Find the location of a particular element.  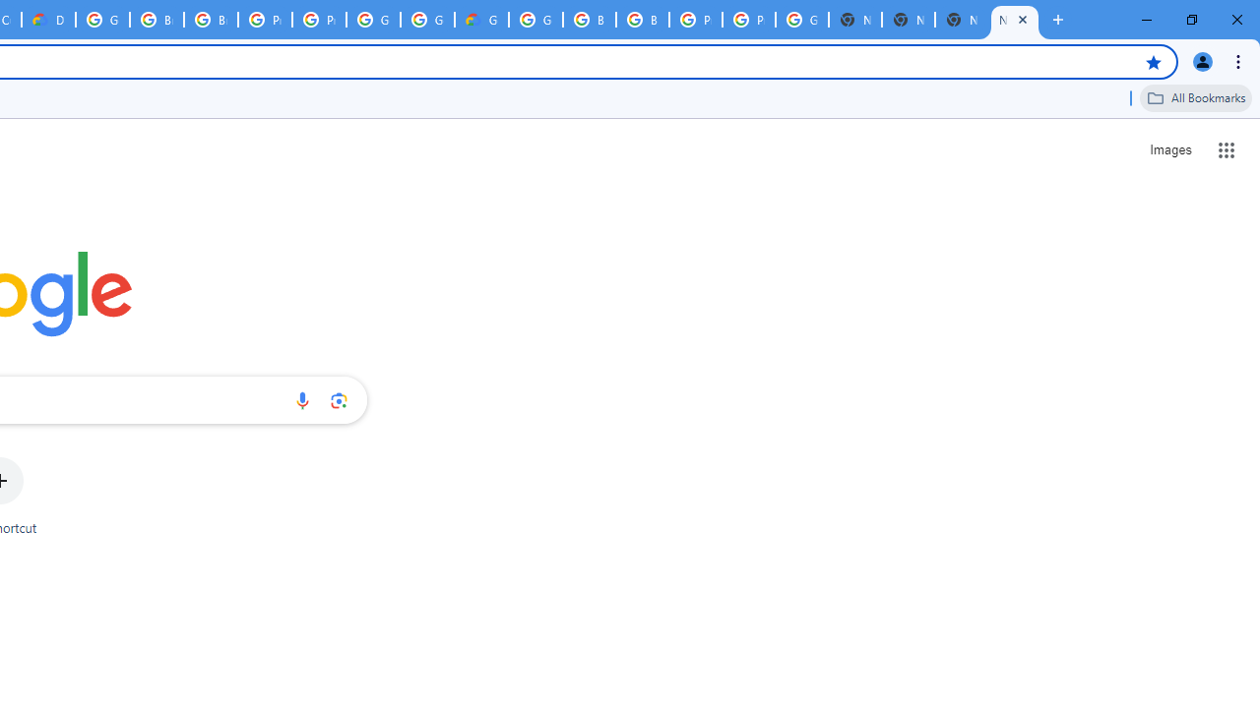

'Browse Chrome as a guest - Computer - Google Chrome Help' is located at coordinates (589, 20).